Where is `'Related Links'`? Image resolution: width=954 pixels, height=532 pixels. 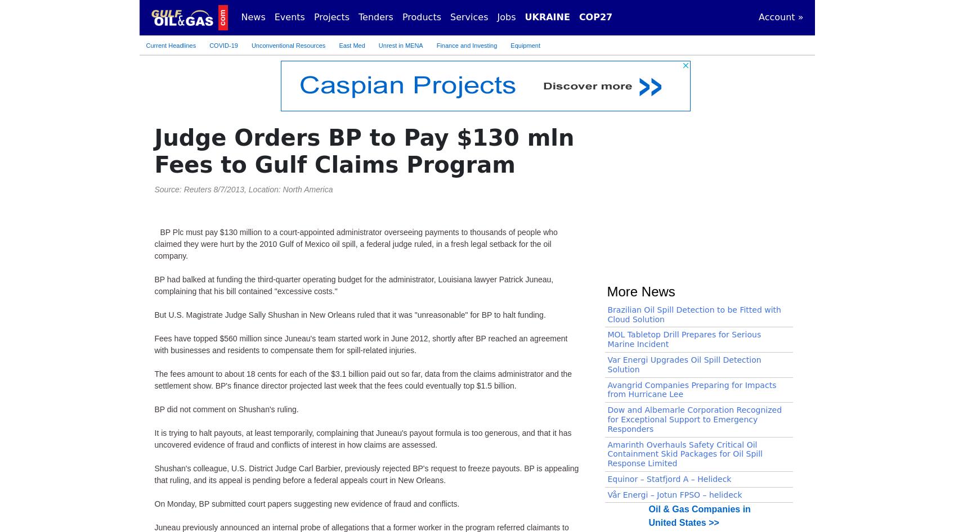 'Related Links' is located at coordinates (647, 111).